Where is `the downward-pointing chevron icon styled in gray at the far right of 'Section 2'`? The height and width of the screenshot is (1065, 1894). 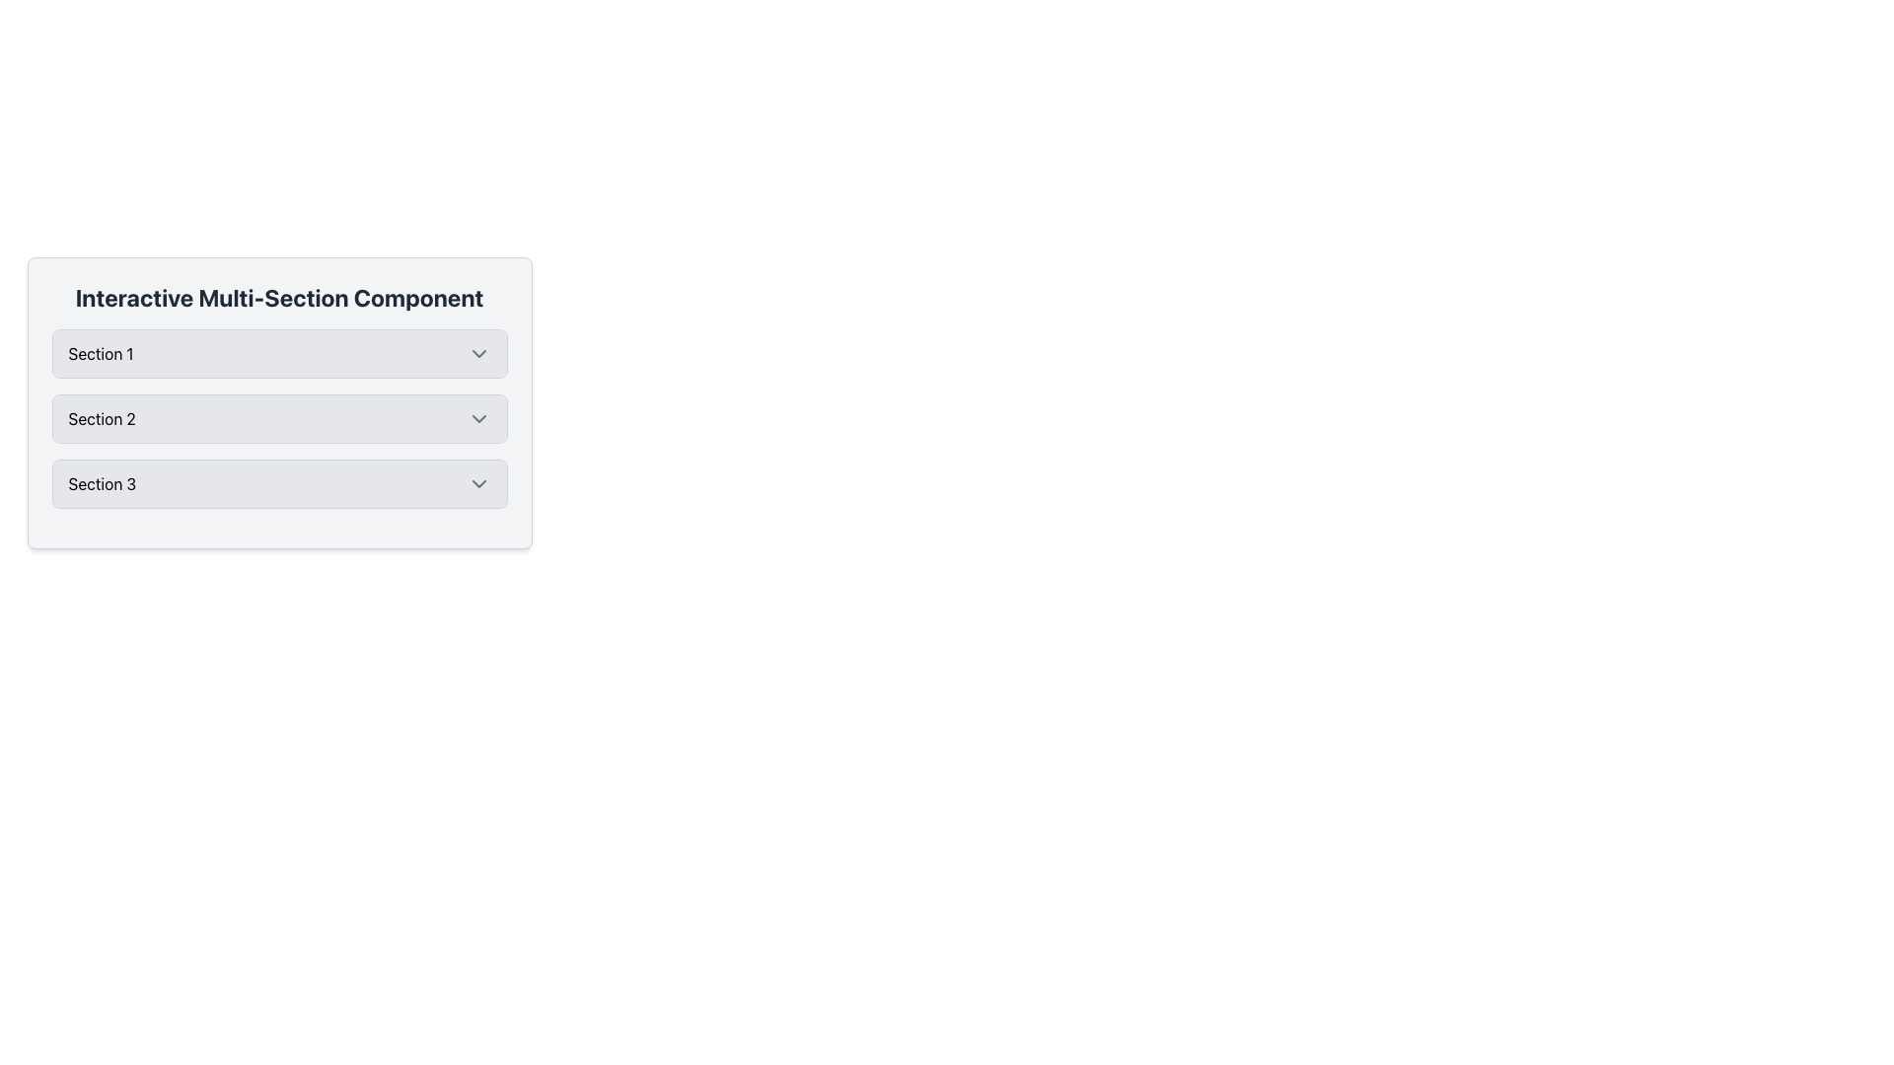
the downward-pointing chevron icon styled in gray at the far right of 'Section 2' is located at coordinates (478, 417).